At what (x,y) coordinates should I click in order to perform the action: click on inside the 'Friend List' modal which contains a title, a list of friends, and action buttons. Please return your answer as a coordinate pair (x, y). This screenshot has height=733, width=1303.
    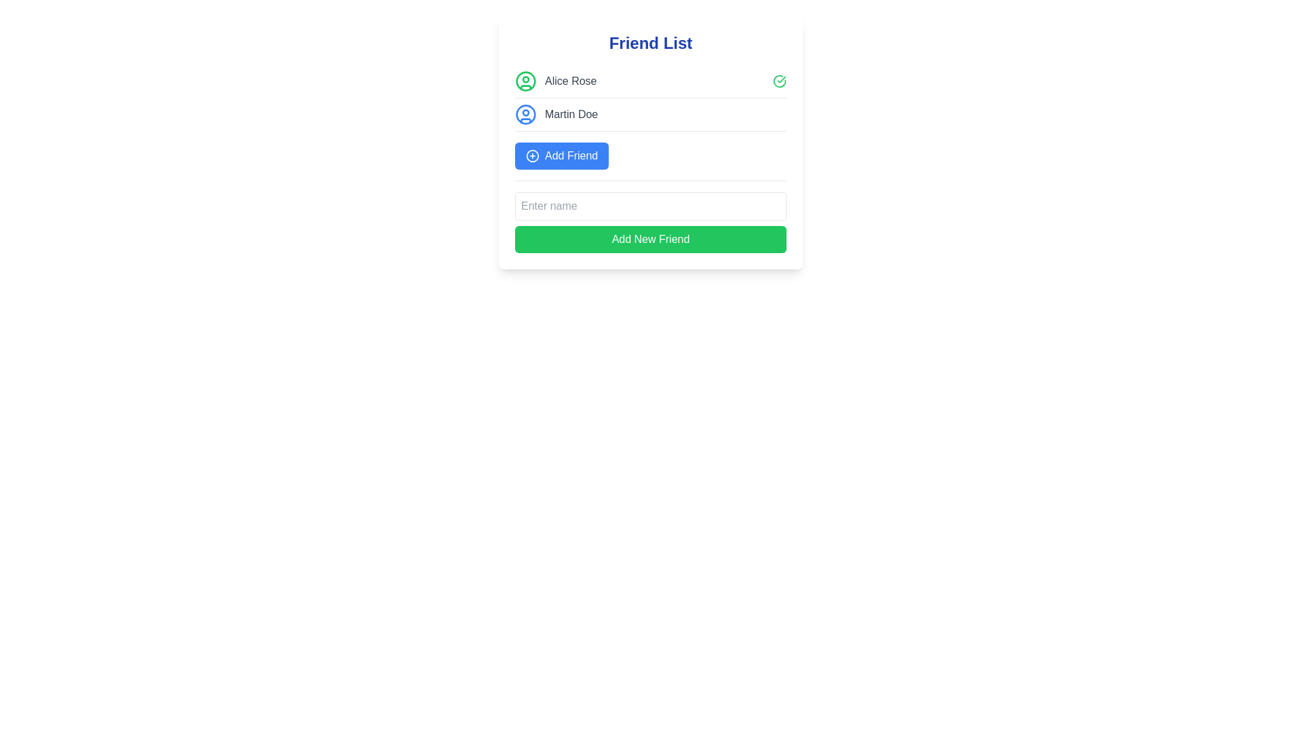
    Looking at the image, I should click on (650, 142).